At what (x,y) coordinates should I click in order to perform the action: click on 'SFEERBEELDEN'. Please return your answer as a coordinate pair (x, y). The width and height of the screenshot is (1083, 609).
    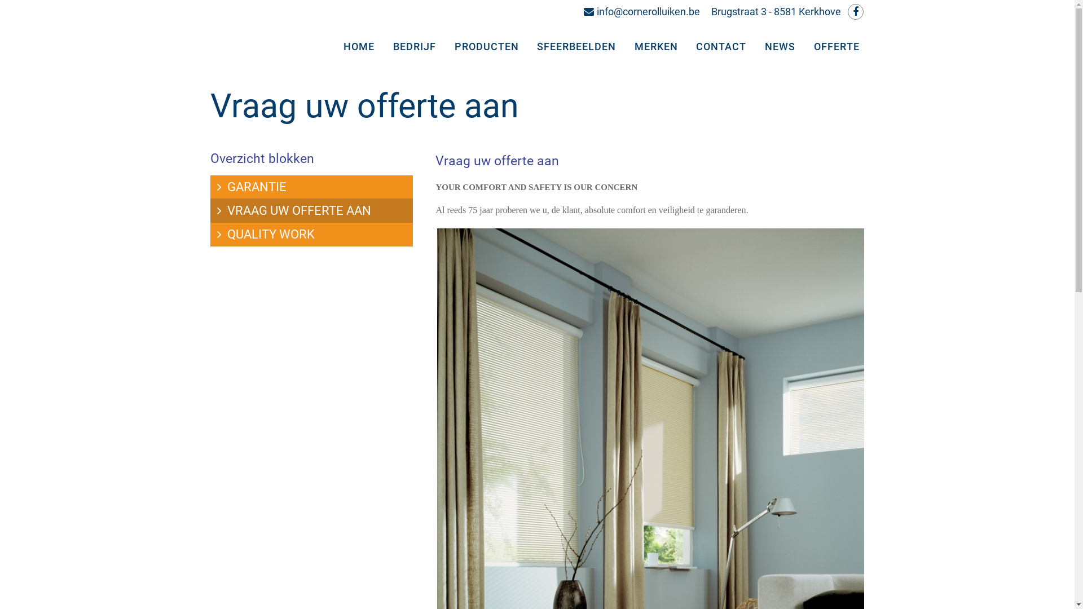
    Looking at the image, I should click on (578, 46).